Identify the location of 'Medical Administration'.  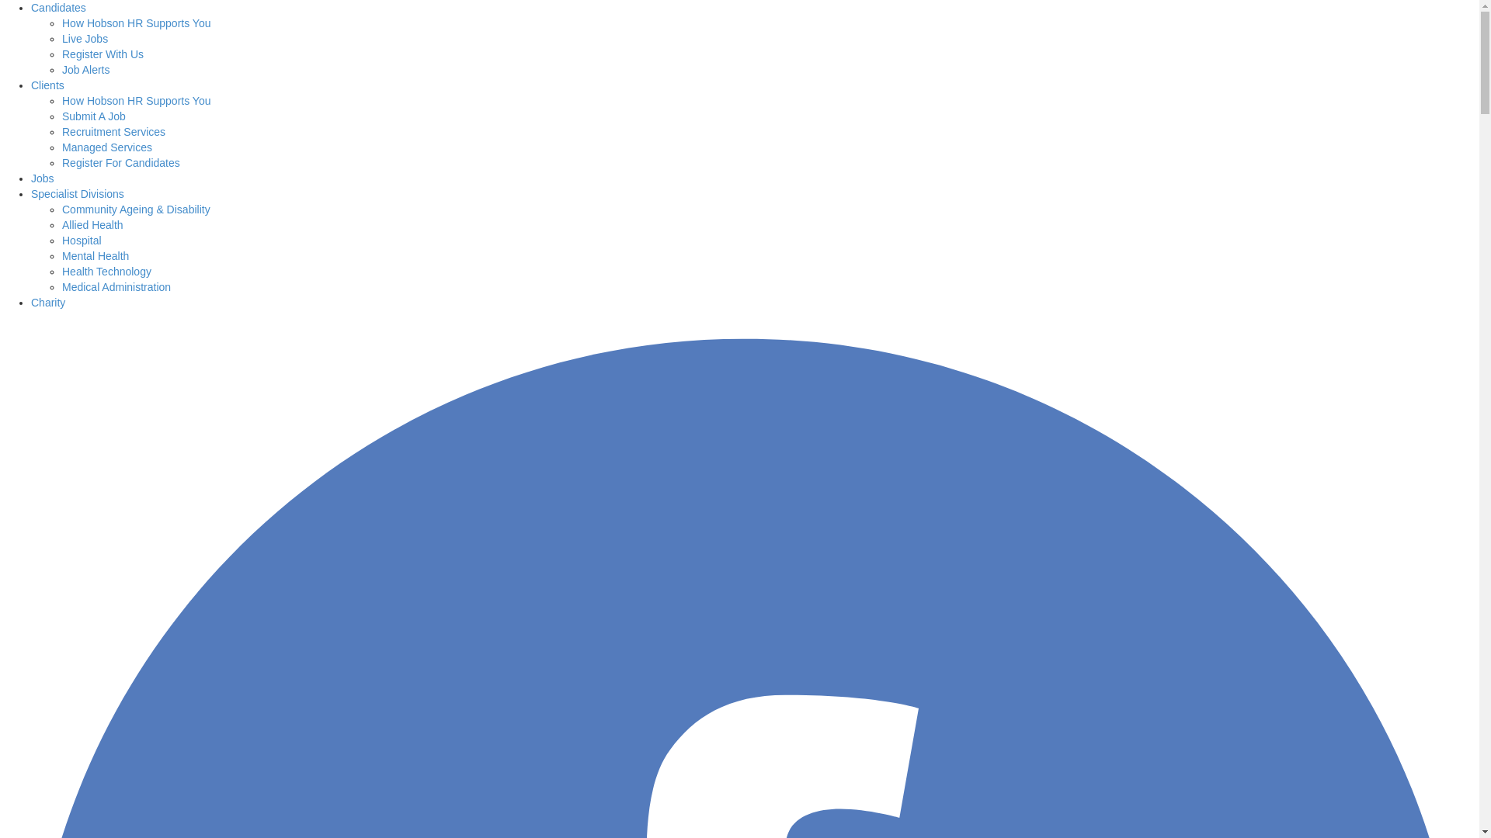
(115, 287).